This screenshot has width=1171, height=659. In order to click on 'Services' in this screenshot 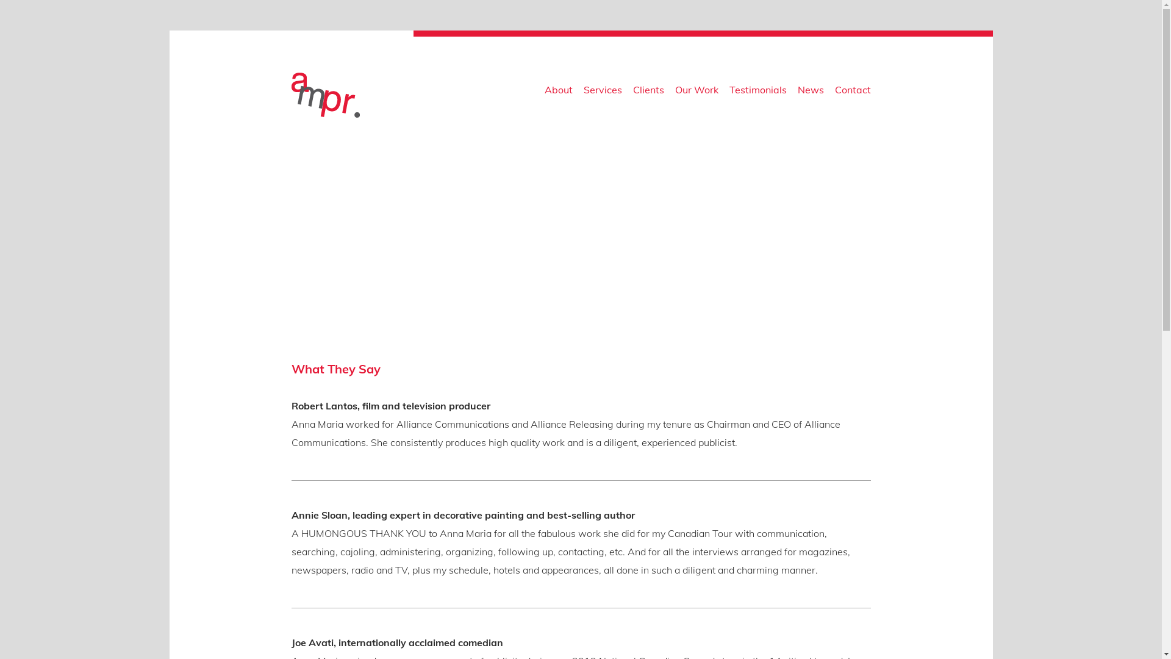, I will do `click(602, 92)`.